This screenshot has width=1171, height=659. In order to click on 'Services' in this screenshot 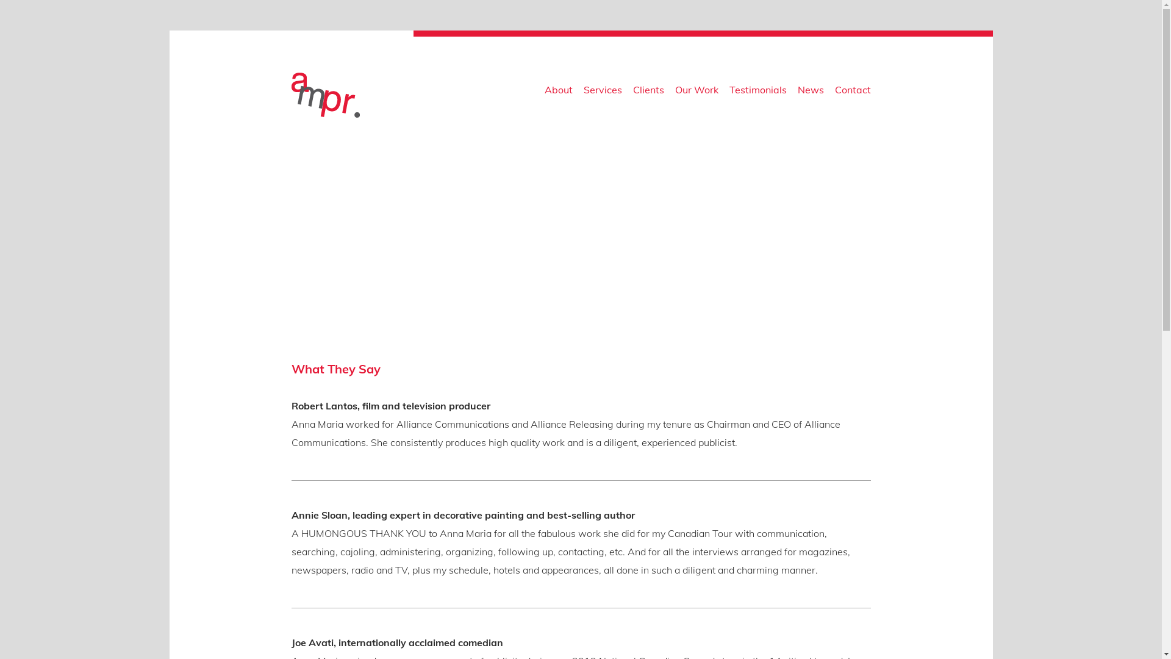, I will do `click(602, 92)`.